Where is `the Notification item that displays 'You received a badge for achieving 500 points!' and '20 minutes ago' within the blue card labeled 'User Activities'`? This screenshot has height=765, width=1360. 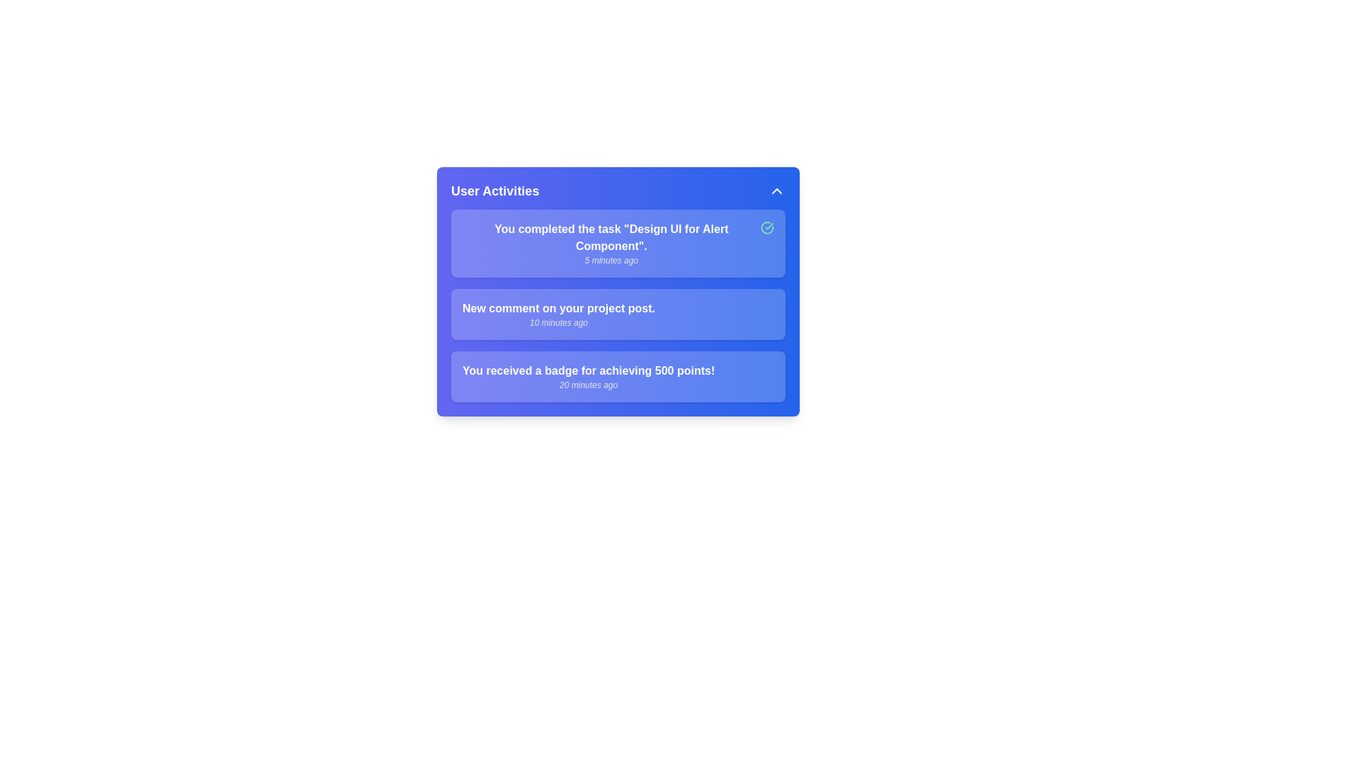
the Notification item that displays 'You received a badge for achieving 500 points!' and '20 minutes ago' within the blue card labeled 'User Activities' is located at coordinates (618, 376).